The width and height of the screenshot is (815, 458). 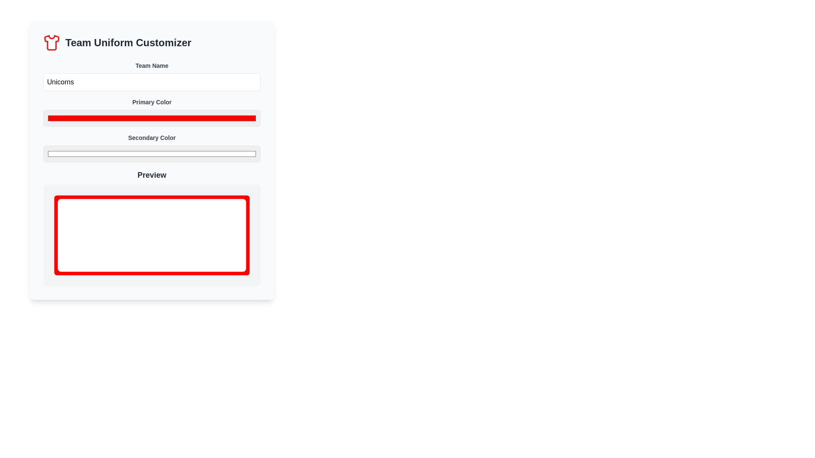 I want to click on the red-colored T-shirt icon located at the top-left corner of the interface, which is positioned immediately to the left of the heading 'Team Uniform Customizer', so click(x=51, y=42).